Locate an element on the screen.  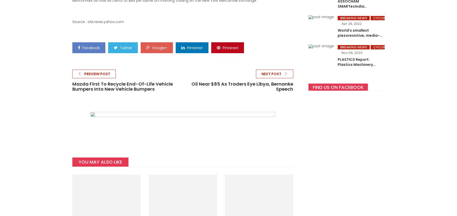
'World’s smallest piezoresistive, media-isolated pressure sensor – launched by Kistler Winterthur, April 2022' is located at coordinates (359, 43).